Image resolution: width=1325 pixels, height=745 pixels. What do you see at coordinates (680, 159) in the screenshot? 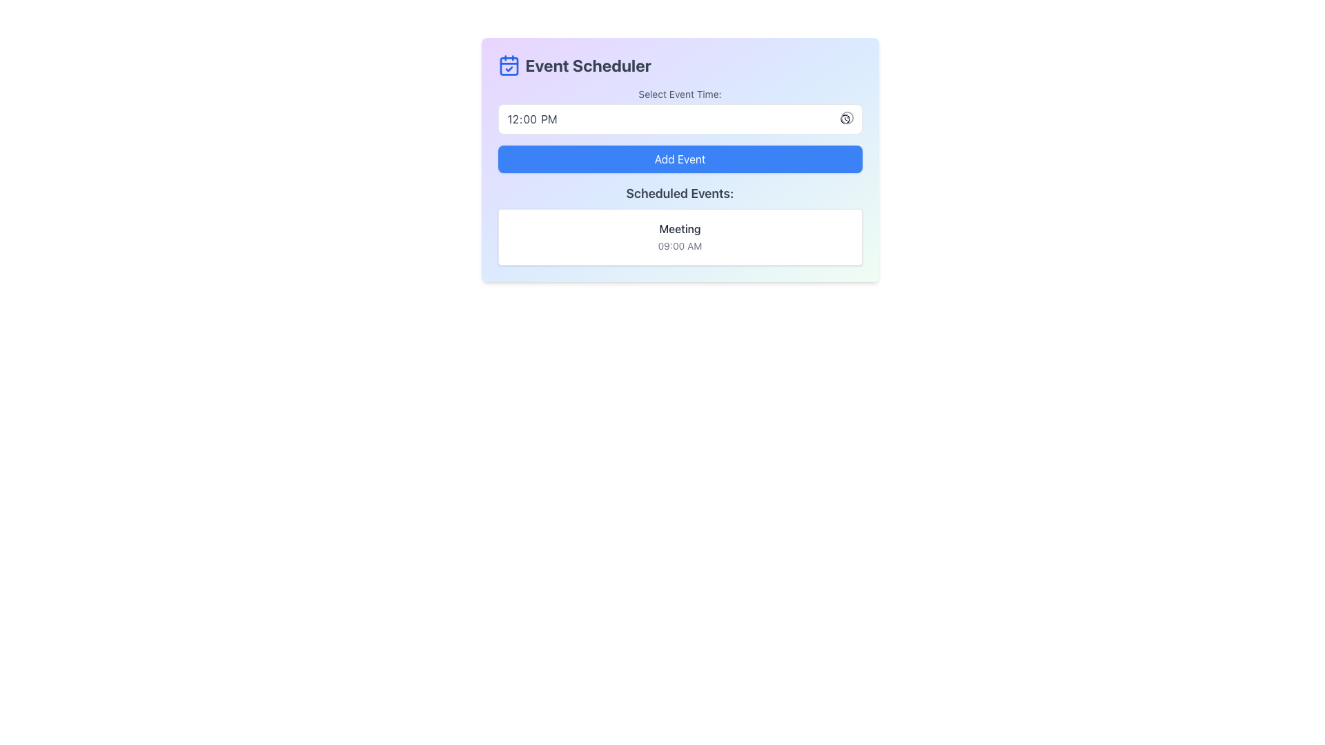
I see `the 'Add Event' button, which is a wide rectangular button with rounded edges, styled in vivid blue with white centered text, to visualize its hover effect` at bounding box center [680, 159].